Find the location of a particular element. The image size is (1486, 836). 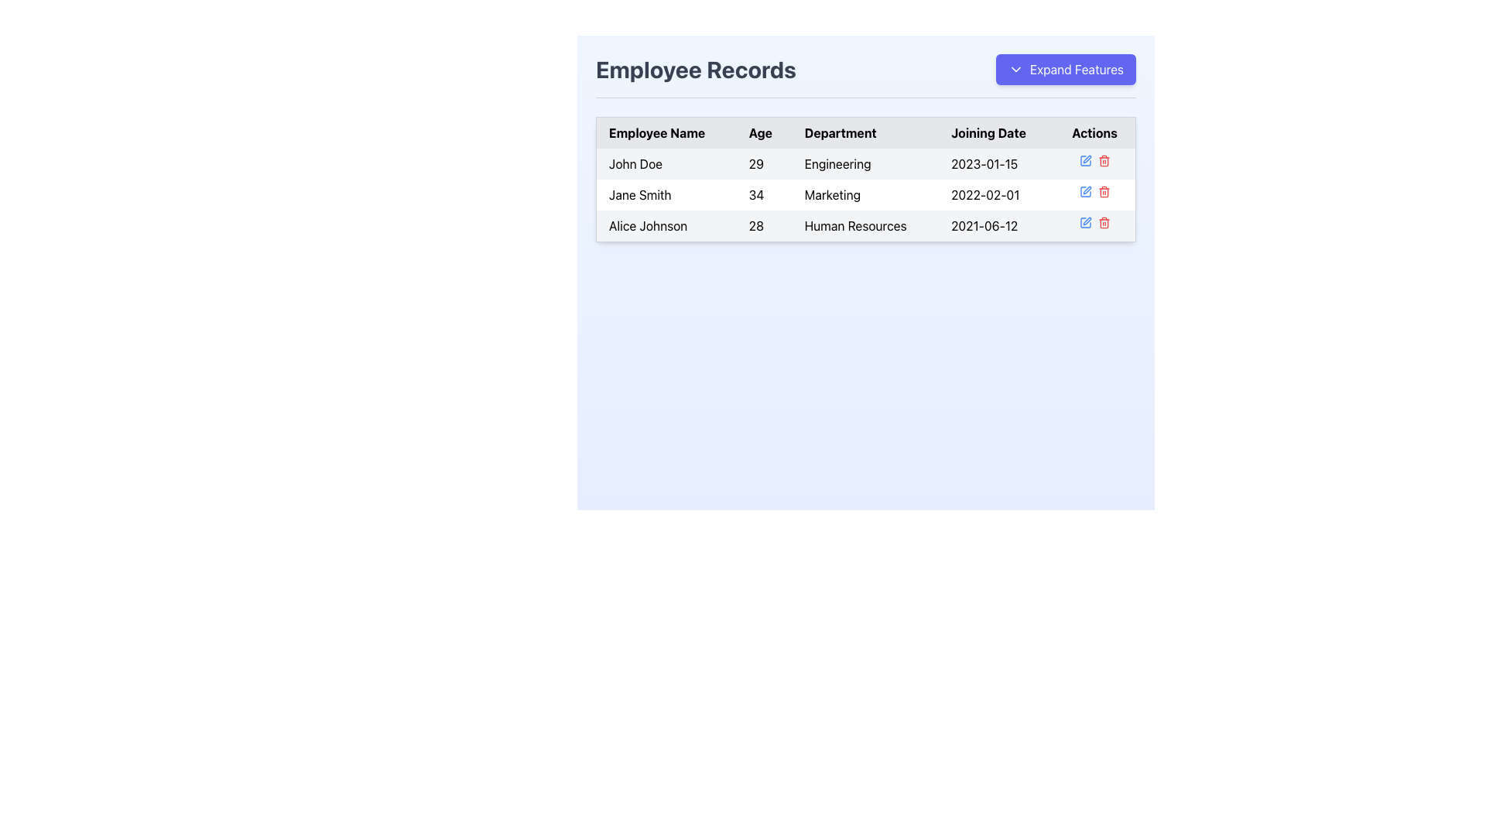

the text element displaying '2022-02-01' in the 'Joining Date' column of the 'Employee Records' table, which corresponds to 'Jane Smith' is located at coordinates (996, 194).